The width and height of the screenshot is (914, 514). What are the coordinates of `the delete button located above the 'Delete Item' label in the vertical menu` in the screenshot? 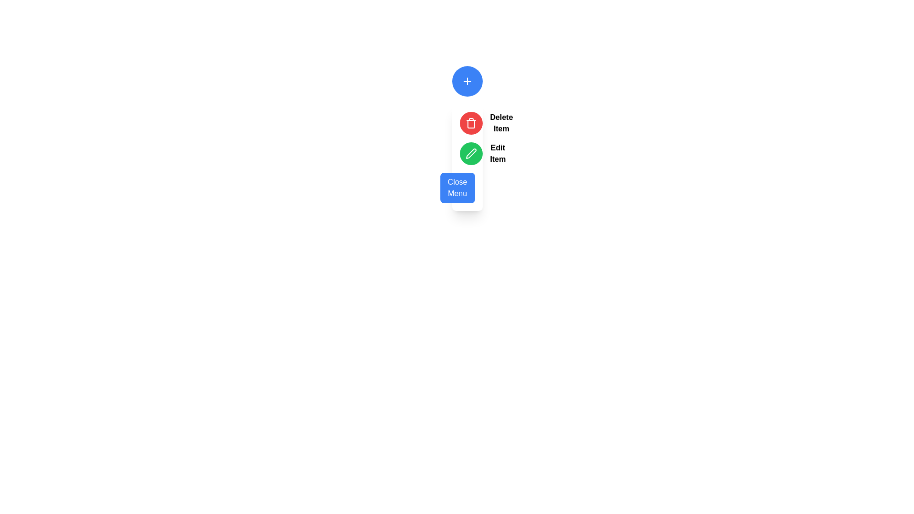 It's located at (471, 122).